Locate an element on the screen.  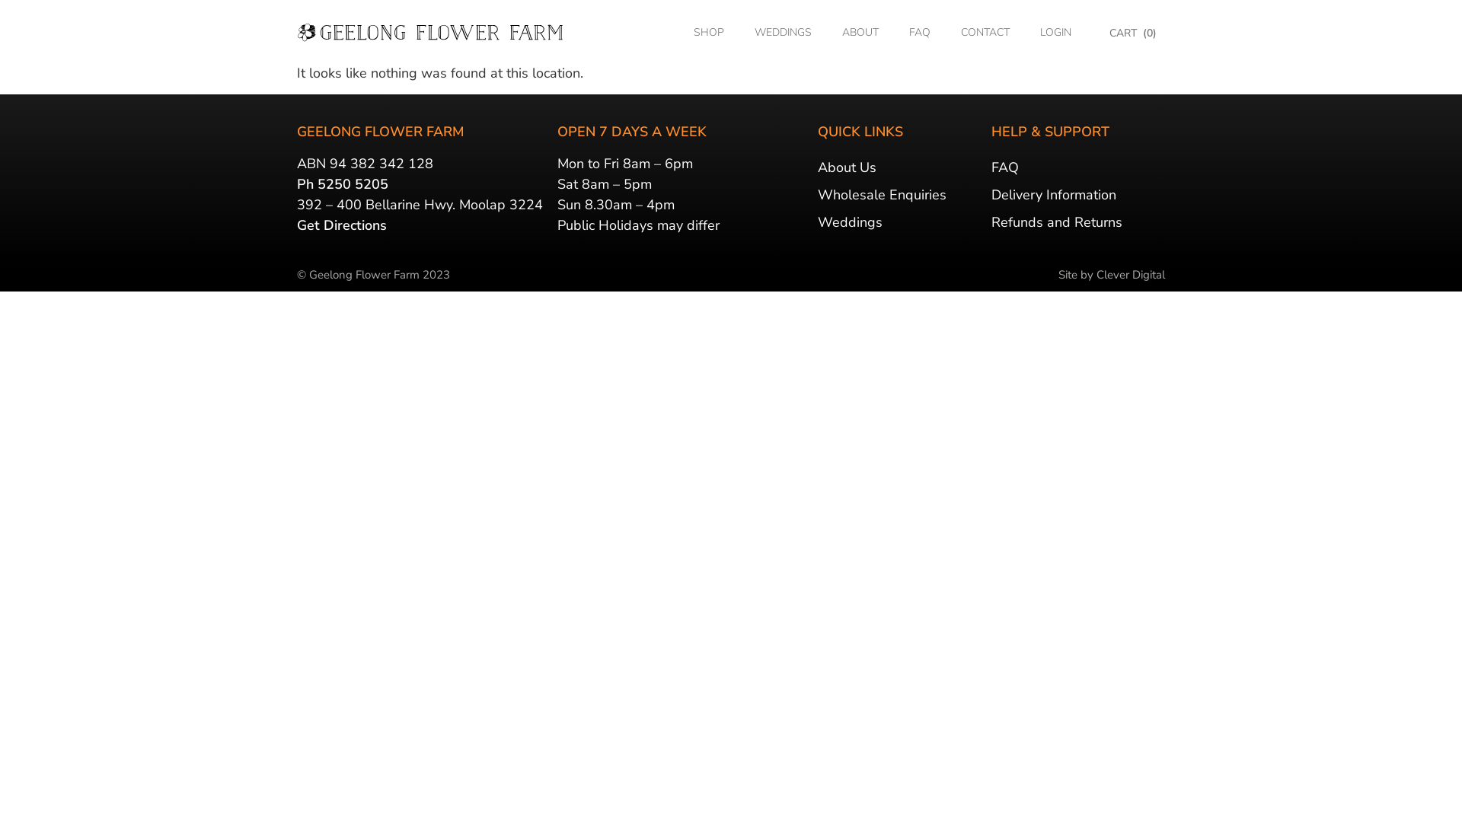
'CART is located at coordinates (1133, 33).